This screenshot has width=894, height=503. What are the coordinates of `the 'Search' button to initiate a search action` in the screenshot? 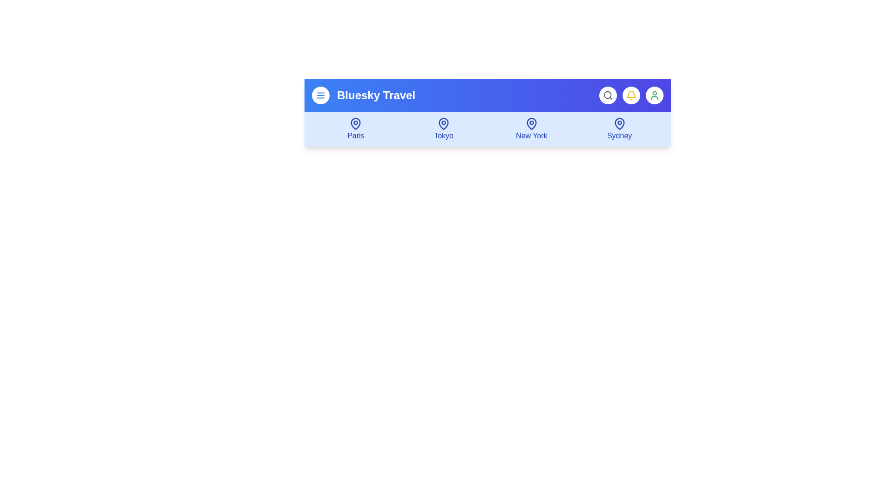 It's located at (608, 95).